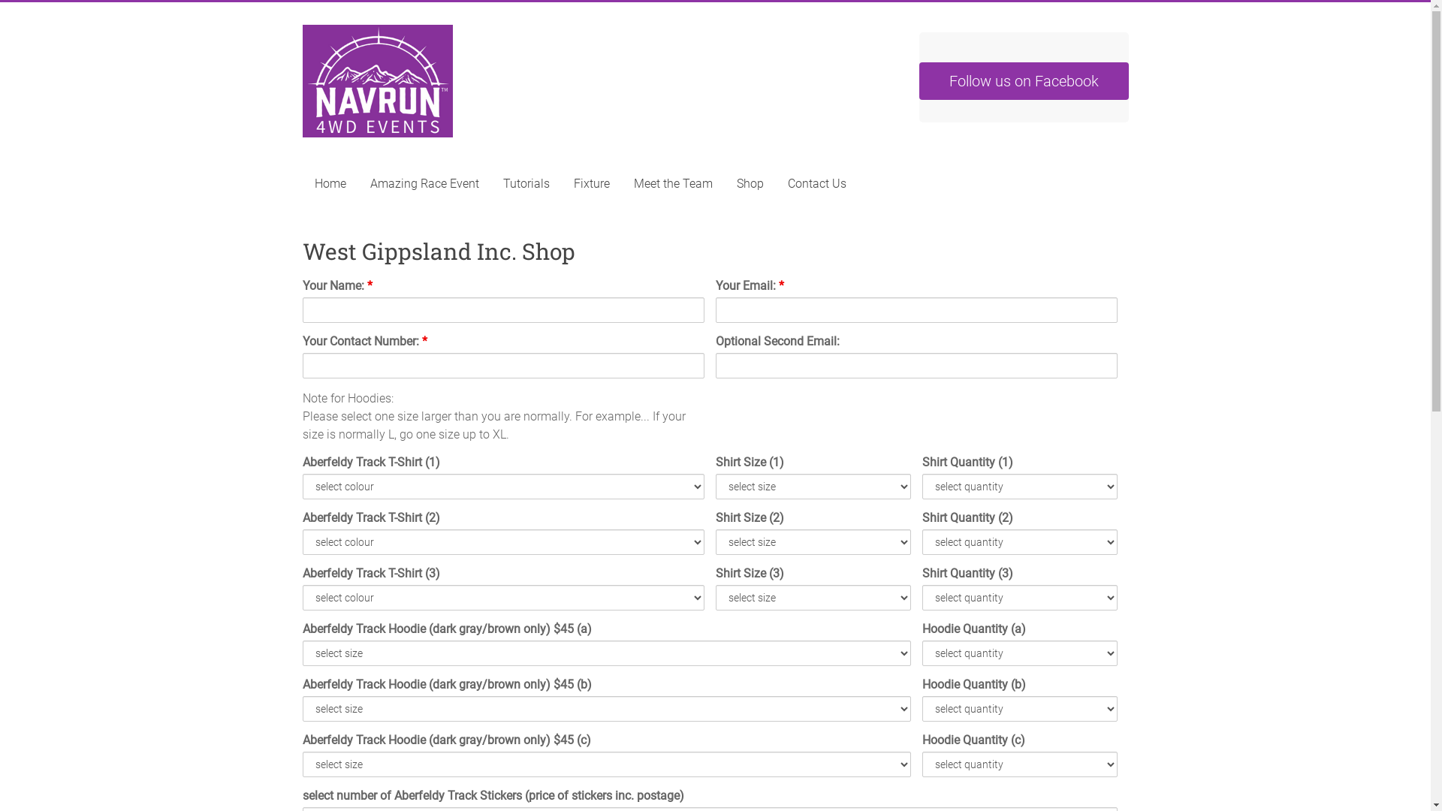  I want to click on 'Navrun 4wd Events', so click(301, 74).